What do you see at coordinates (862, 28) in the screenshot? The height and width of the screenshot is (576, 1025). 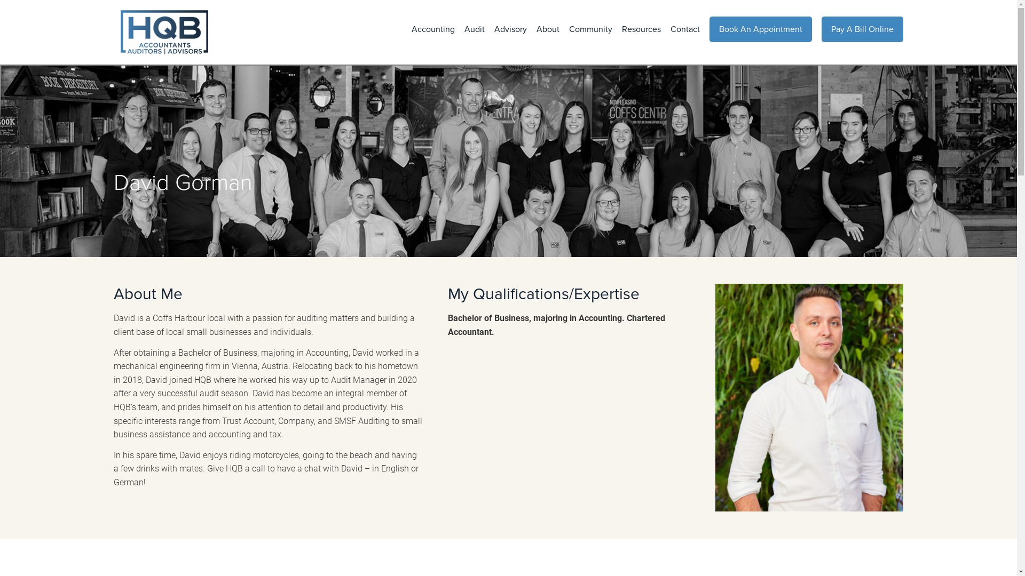 I see `'Pay A Bill Online'` at bounding box center [862, 28].